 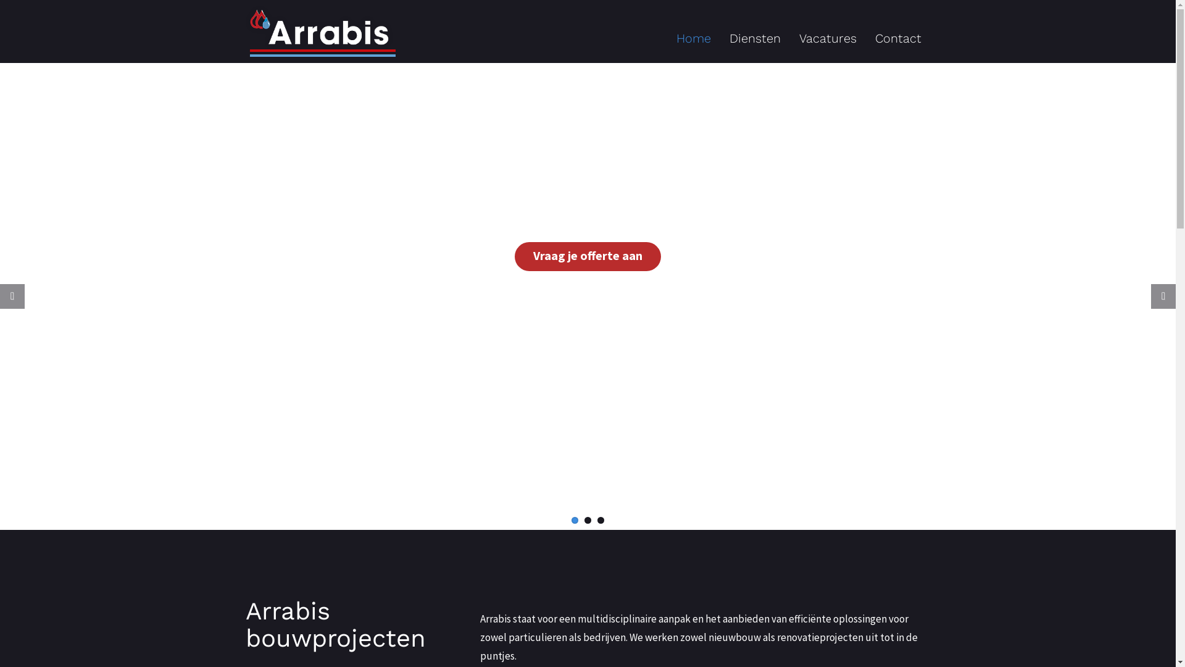 I want to click on 'Vacatures', so click(x=828, y=37).